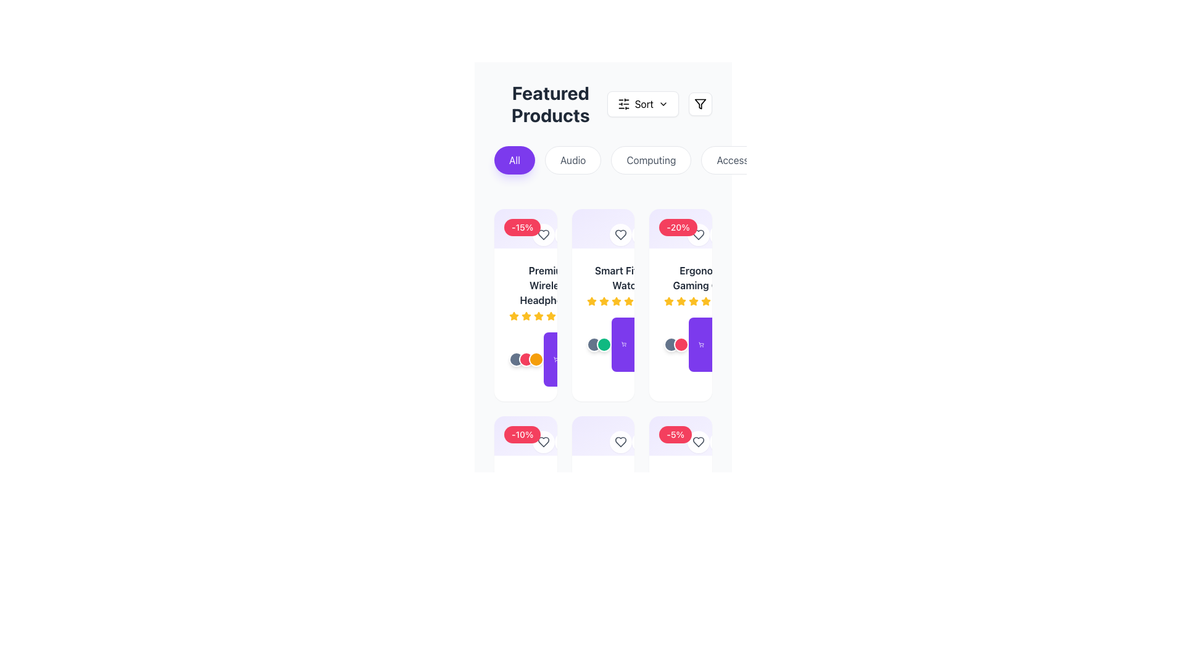  I want to click on the rose-red circular button located in the middle of the three horizontally arranged buttons below the product rating stars for the 'Premium Wireless Headphones', so click(526, 359).